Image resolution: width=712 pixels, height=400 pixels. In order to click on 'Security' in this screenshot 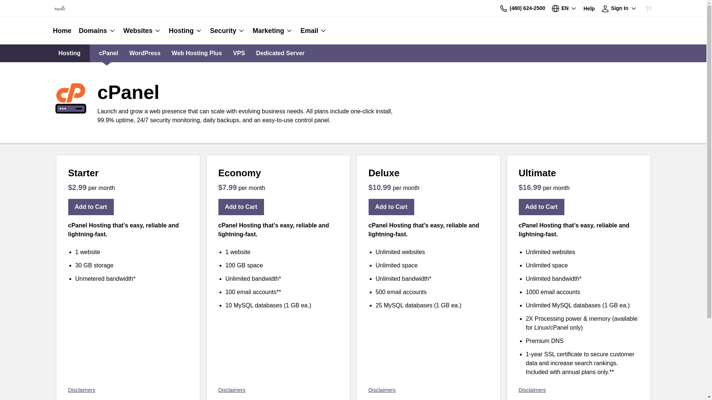, I will do `click(227, 30)`.